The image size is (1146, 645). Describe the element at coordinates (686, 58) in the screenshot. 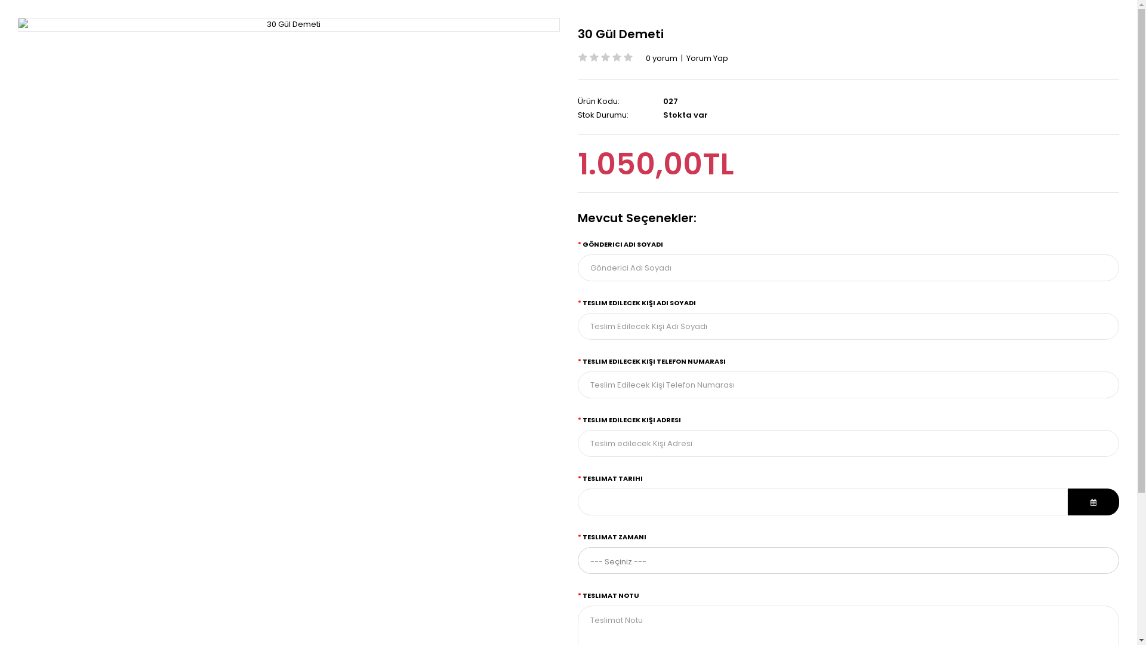

I see `'Yorum Yap'` at that location.